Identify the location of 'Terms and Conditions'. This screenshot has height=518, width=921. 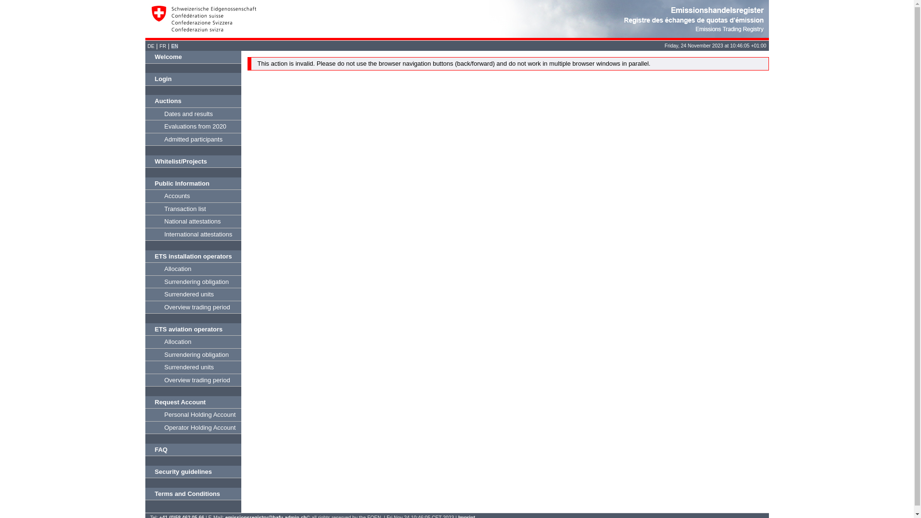
(144, 494).